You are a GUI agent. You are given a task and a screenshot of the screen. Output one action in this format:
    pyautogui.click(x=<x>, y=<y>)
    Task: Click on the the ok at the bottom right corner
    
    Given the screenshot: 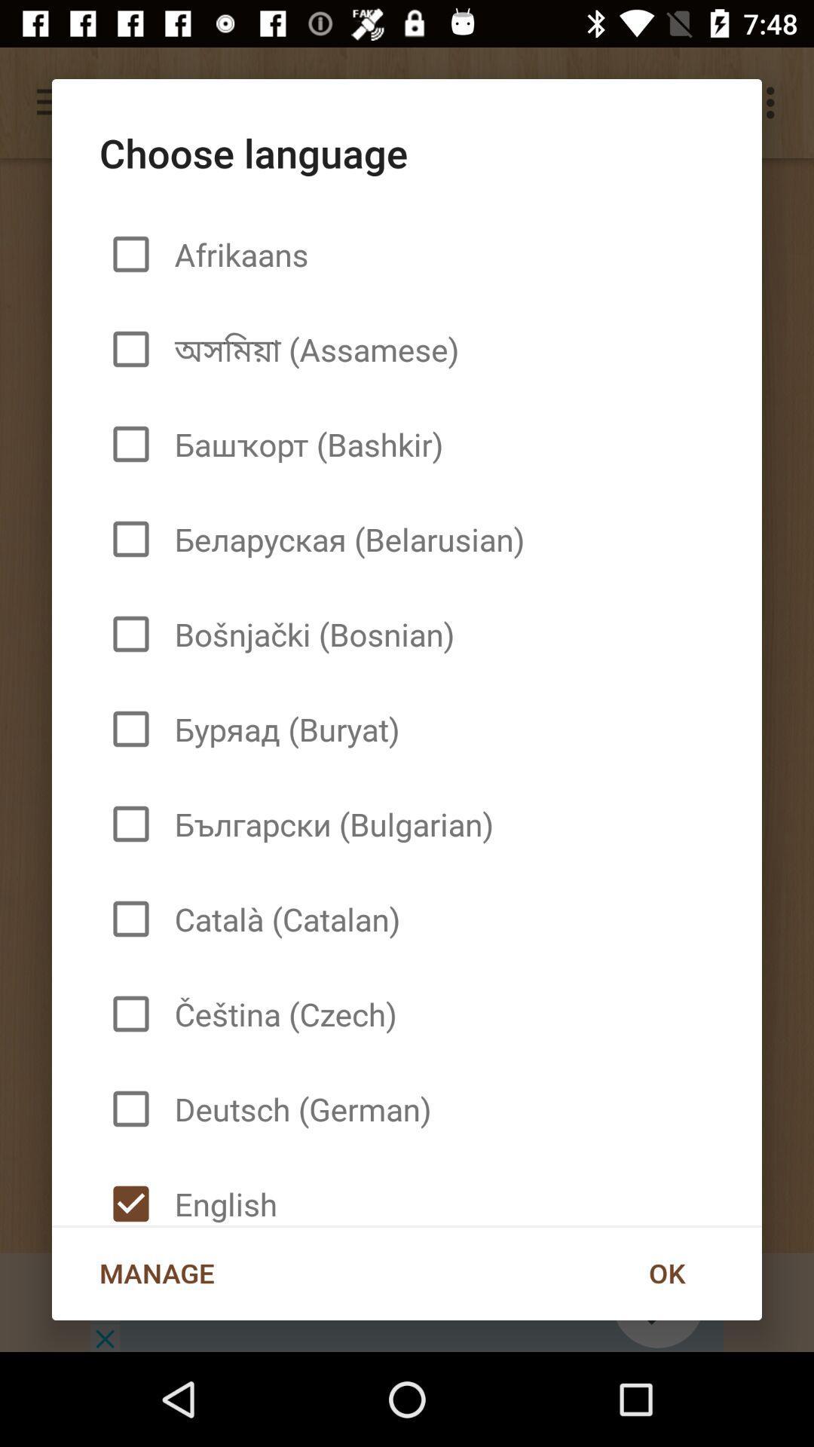 What is the action you would take?
    pyautogui.click(x=666, y=1272)
    